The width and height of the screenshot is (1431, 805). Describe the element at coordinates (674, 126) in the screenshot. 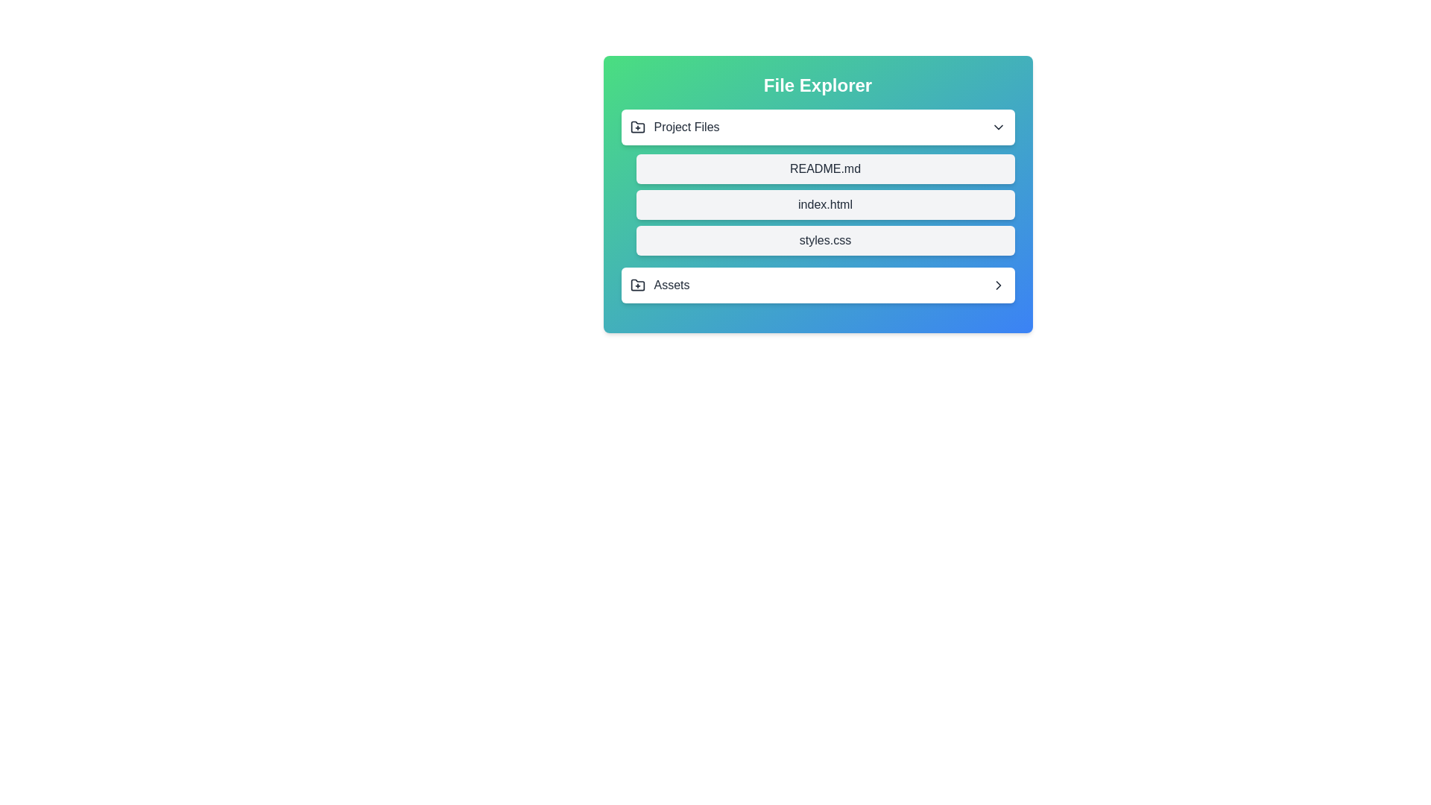

I see `the text label displaying 'Project Files', which is styled in a medium font weight and located next to a folder icon with a plus symbol` at that location.